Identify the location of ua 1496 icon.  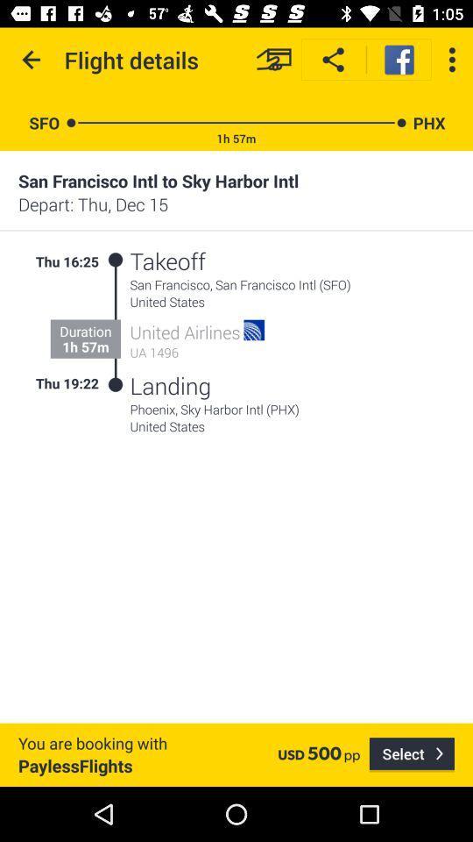
(198, 352).